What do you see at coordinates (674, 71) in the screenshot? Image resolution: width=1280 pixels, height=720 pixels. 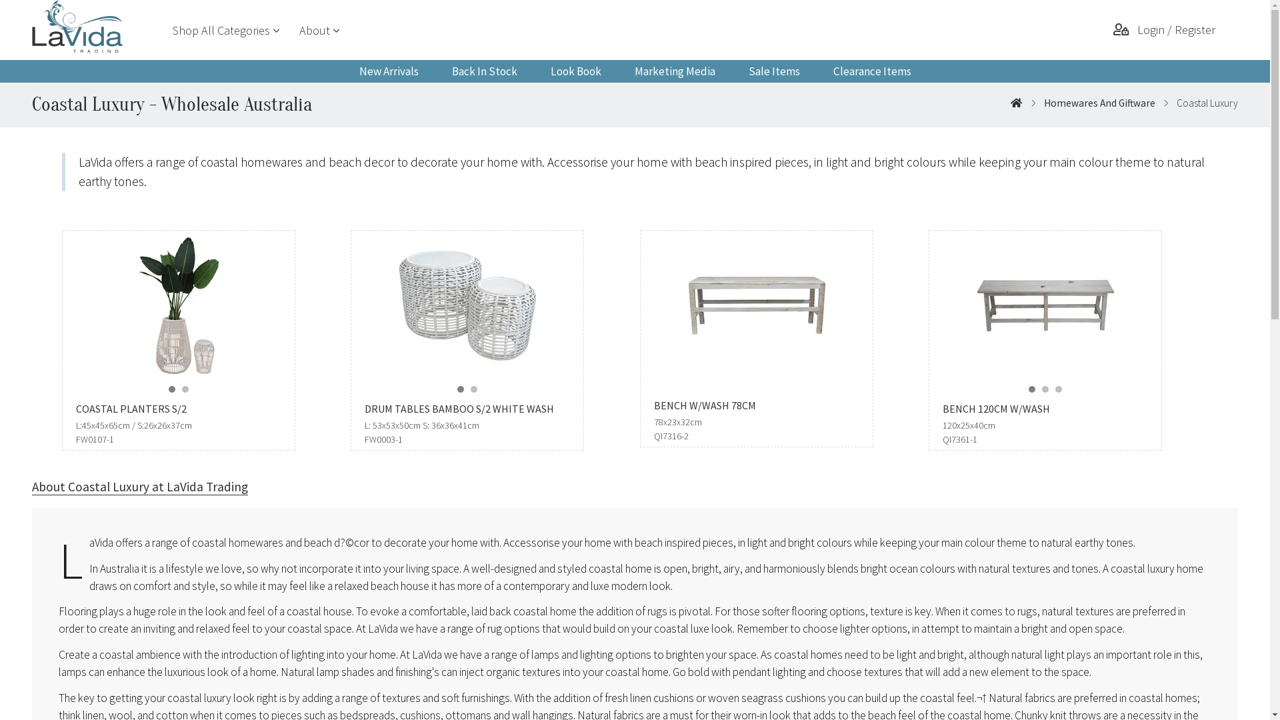 I see `'Marketing Media'` at bounding box center [674, 71].